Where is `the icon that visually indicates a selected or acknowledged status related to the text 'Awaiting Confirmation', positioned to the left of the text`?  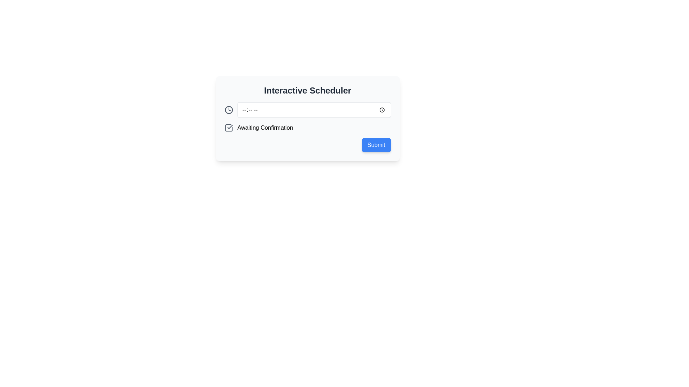
the icon that visually indicates a selected or acknowledged status related to the text 'Awaiting Confirmation', positioned to the left of the text is located at coordinates (228, 128).